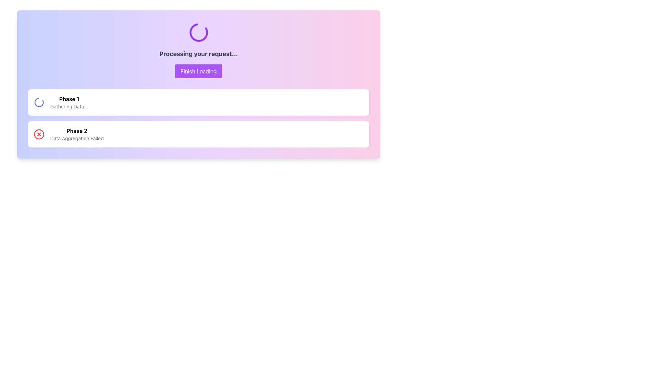 The image size is (665, 374). Describe the element at coordinates (39, 103) in the screenshot. I see `the animation of the SVG Icon located in the upper-left corner of the white card titled 'Phase 1', adjacent to the text 'Gathering Data...'` at that location.